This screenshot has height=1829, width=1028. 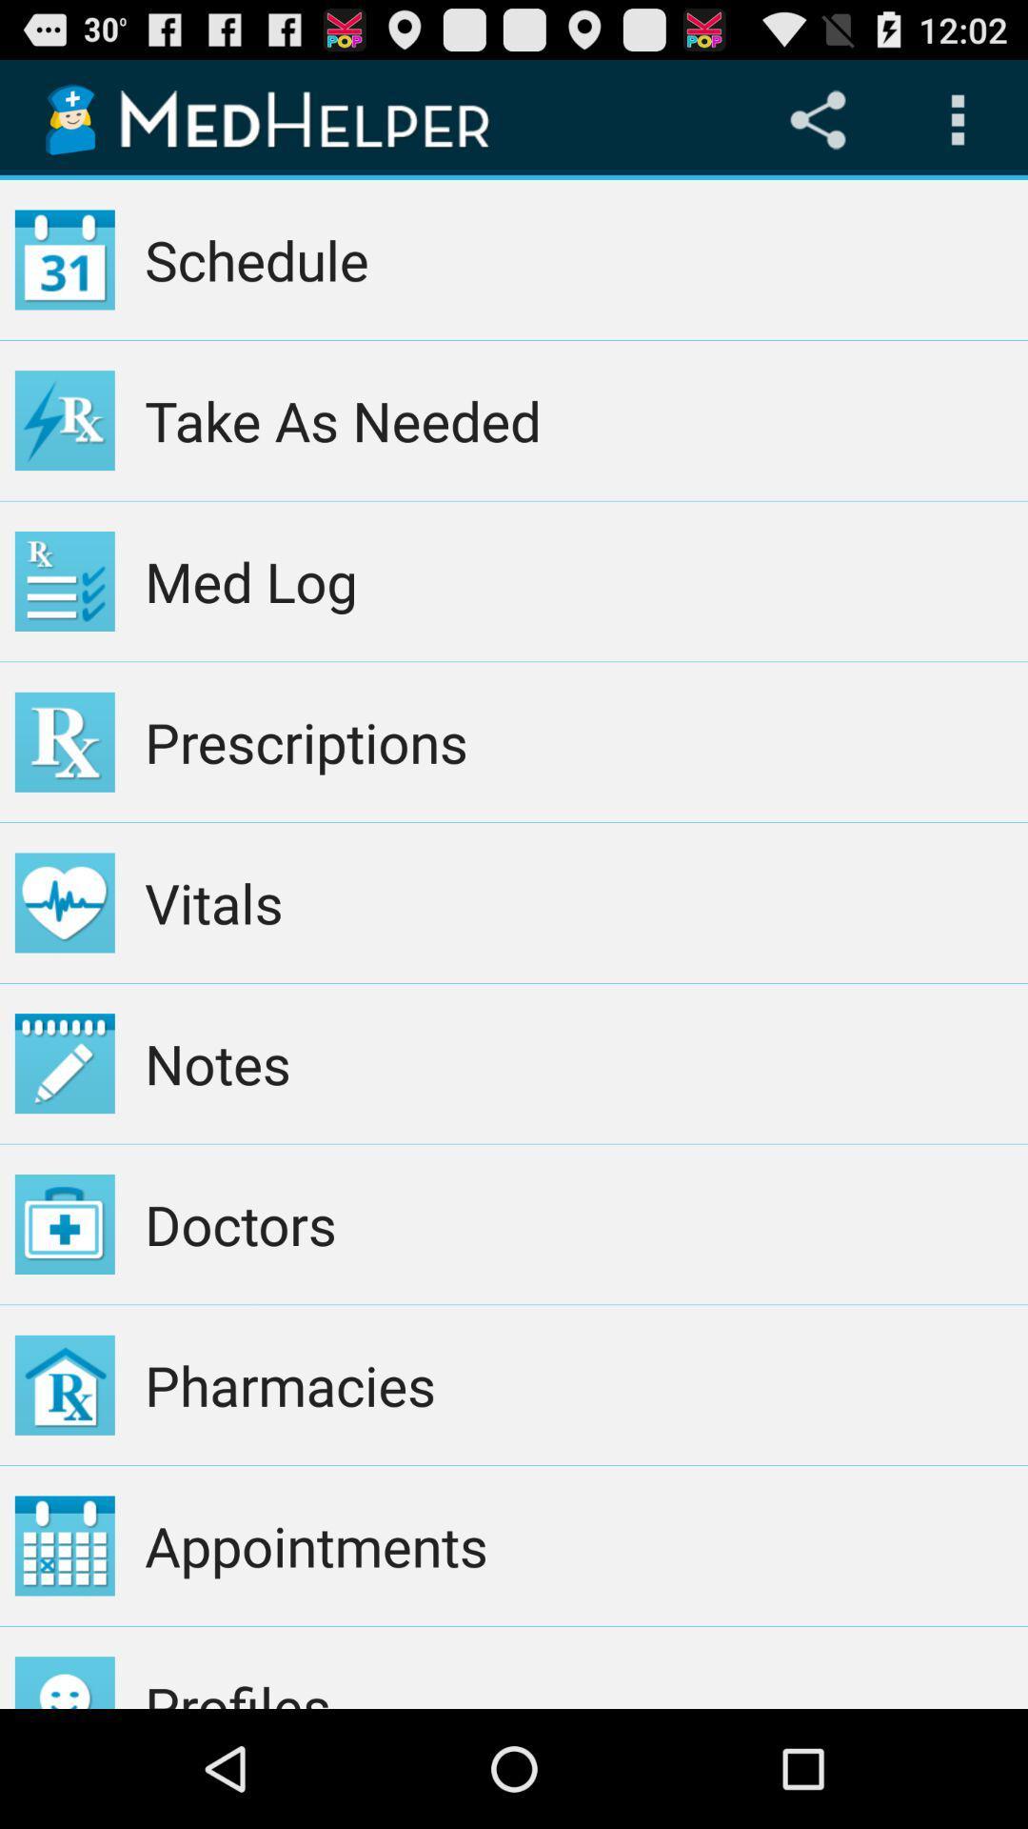 What do you see at coordinates (578, 1385) in the screenshot?
I see `the item below the doctors item` at bounding box center [578, 1385].